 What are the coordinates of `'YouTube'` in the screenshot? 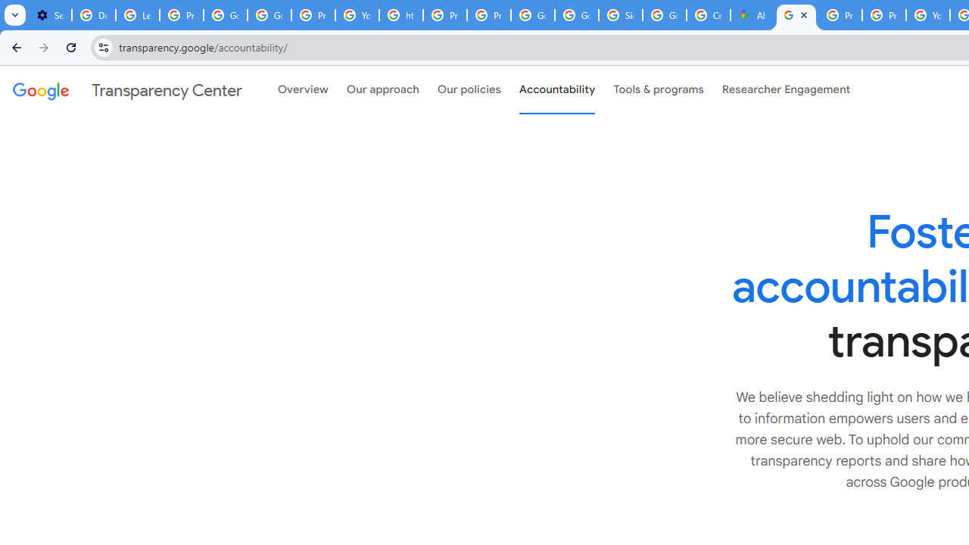 It's located at (356, 15).